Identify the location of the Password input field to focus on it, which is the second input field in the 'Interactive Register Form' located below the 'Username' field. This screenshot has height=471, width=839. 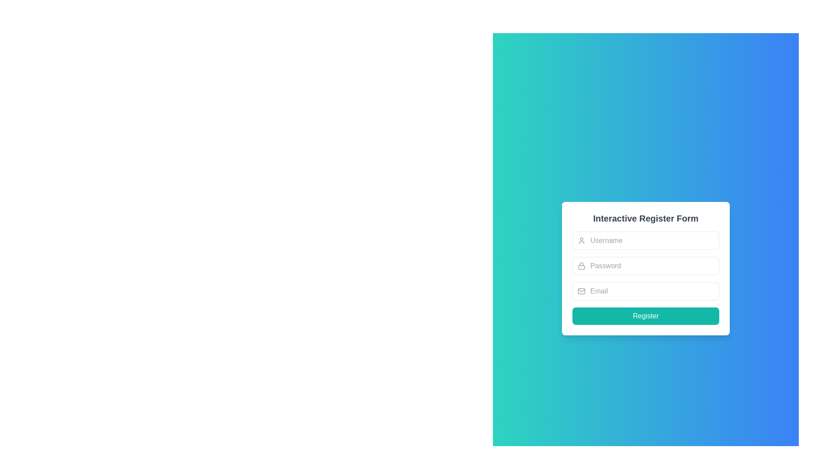
(646, 278).